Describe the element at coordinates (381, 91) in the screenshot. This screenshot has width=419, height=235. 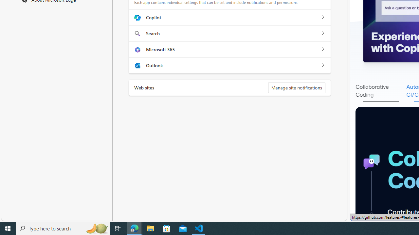
I see `'Collaborative Coding'` at that location.